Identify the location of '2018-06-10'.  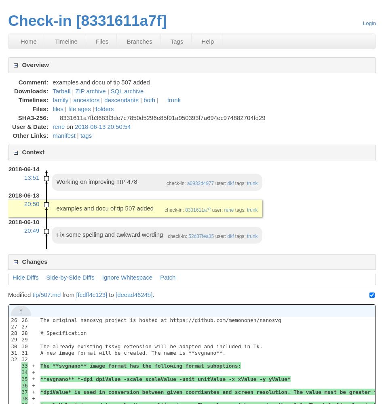
(8, 221).